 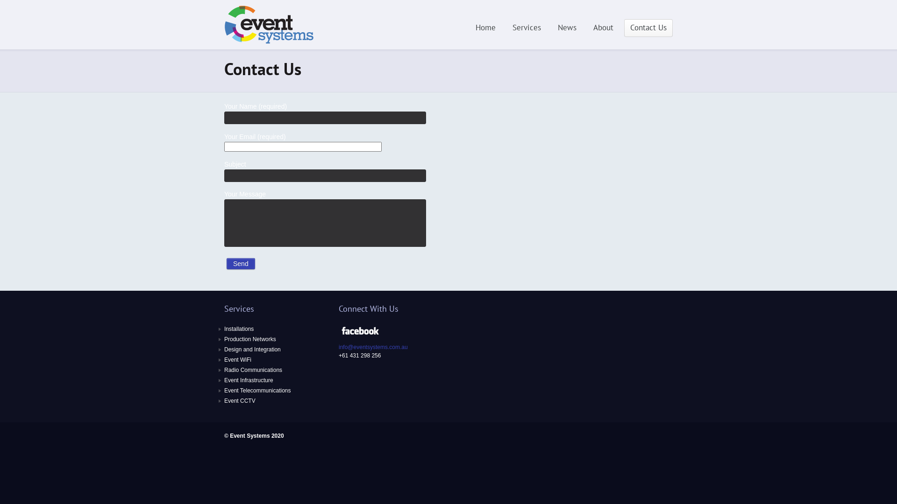 What do you see at coordinates (469, 28) in the screenshot?
I see `'Home'` at bounding box center [469, 28].